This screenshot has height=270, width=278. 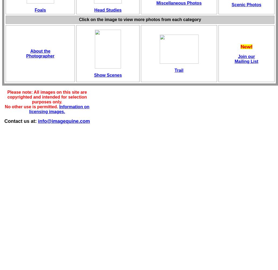 What do you see at coordinates (40, 51) in the screenshot?
I see `'About 
            the'` at bounding box center [40, 51].